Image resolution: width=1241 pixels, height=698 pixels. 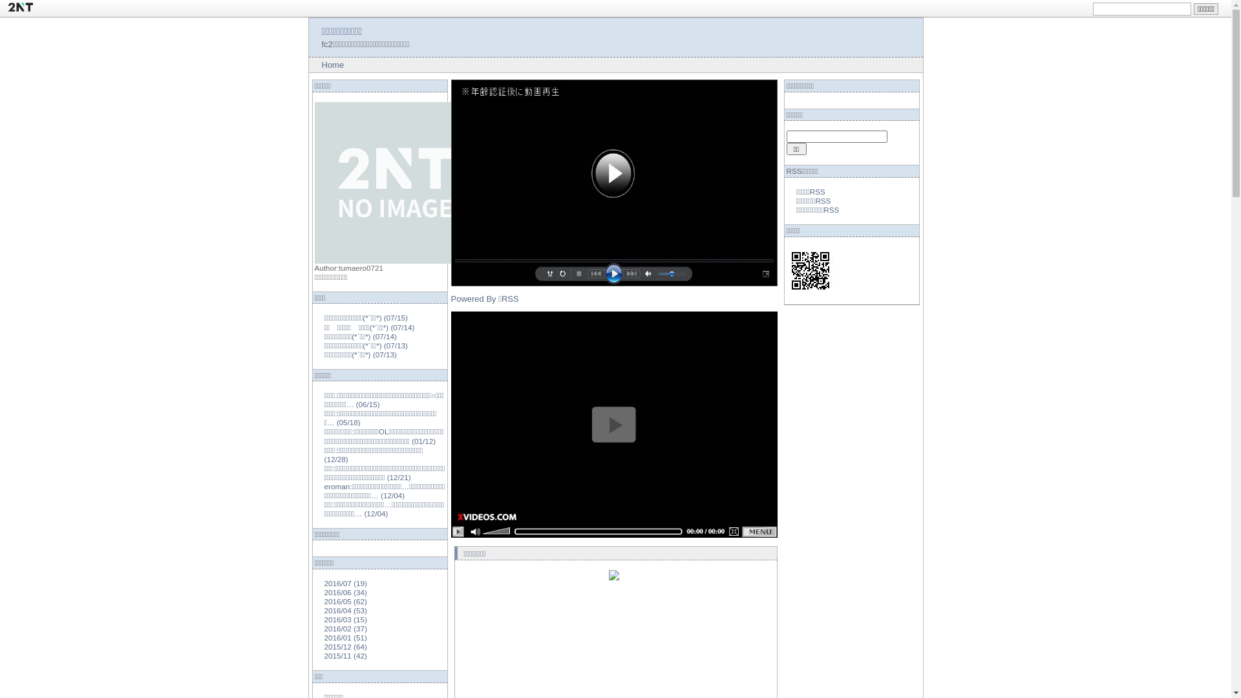 I want to click on '2016/04 (53)', so click(x=345, y=610).